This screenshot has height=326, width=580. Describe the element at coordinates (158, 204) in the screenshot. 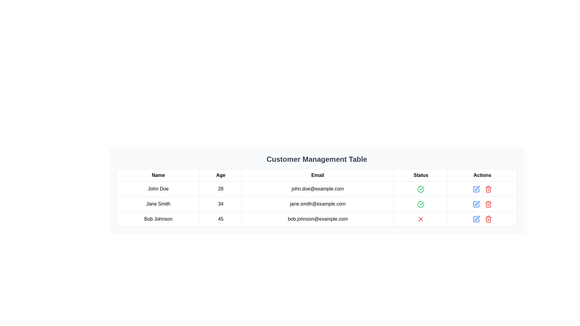

I see `the text label displaying 'Jane Smith' in the 'Name' column of the 'Customer Management Table'` at that location.